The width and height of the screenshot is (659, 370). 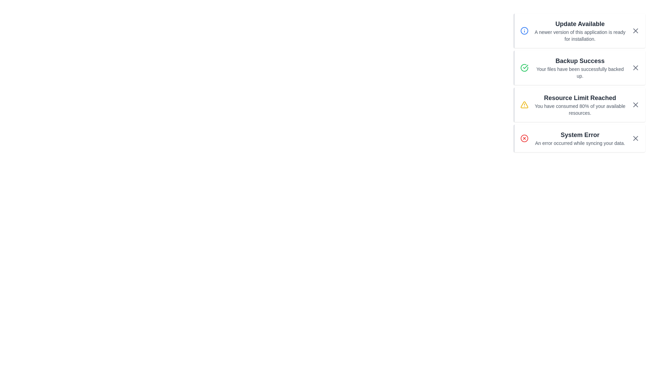 I want to click on the green outlined circle icon with a checkmark inside, which indicates the 'Backup Success' notification, so click(x=524, y=67).